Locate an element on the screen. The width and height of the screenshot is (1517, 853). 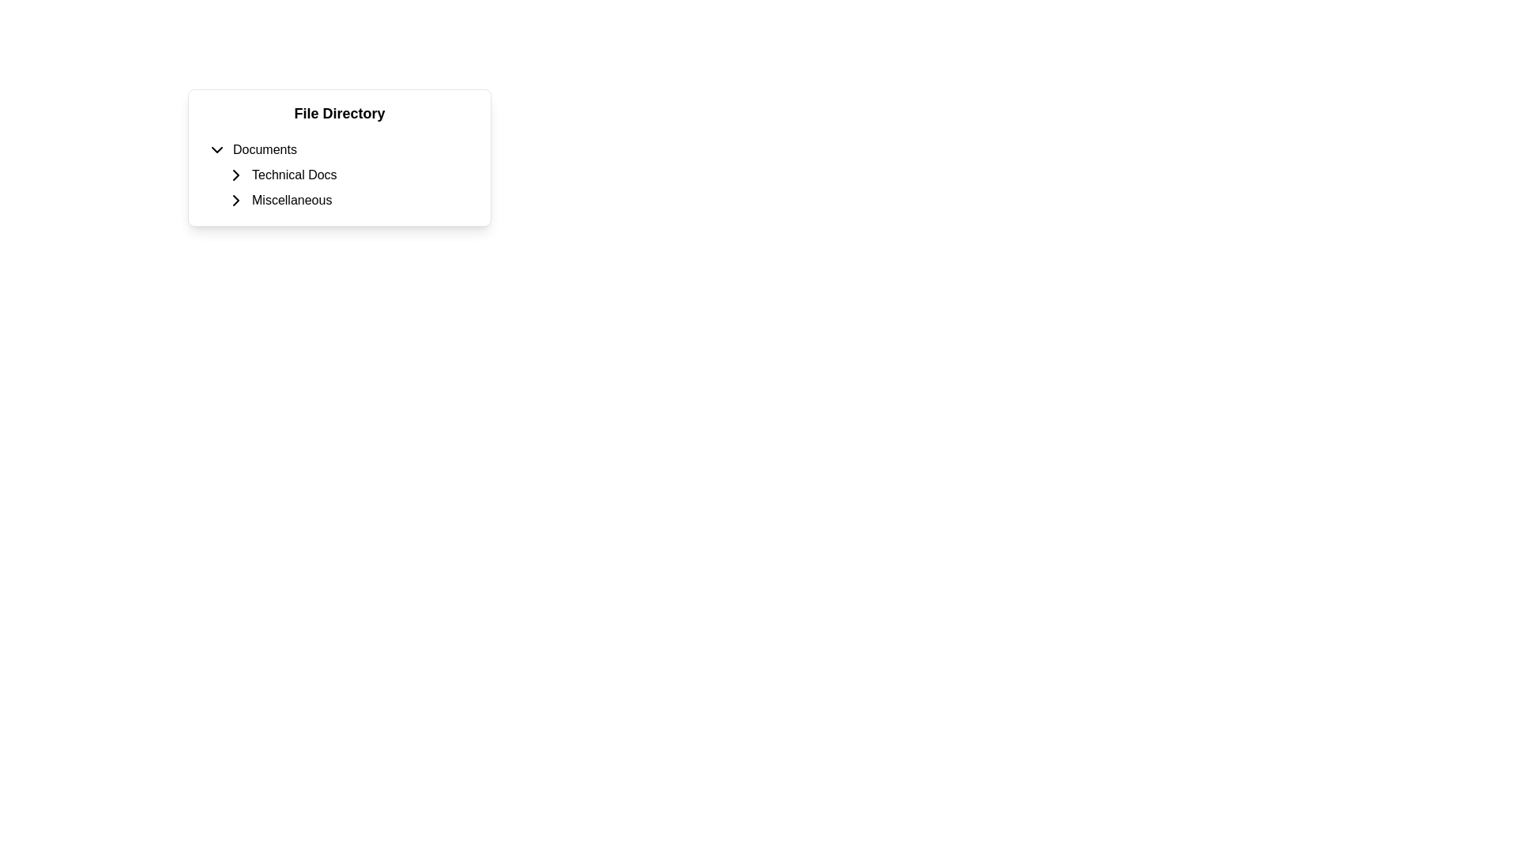
the Dropdown indicator icon located to the left of the 'Documents' text to trigger a tooltip or visual feedback is located at coordinates (216, 149).